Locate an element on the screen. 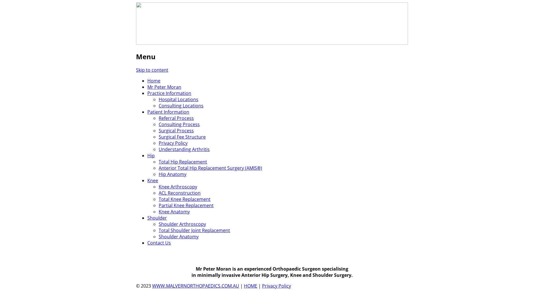  'Contact Us' is located at coordinates (159, 242).